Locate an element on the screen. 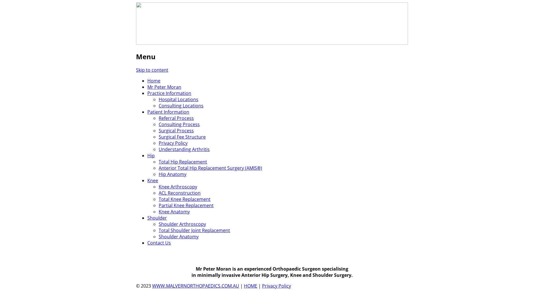  'Contact Us' is located at coordinates (159, 242).